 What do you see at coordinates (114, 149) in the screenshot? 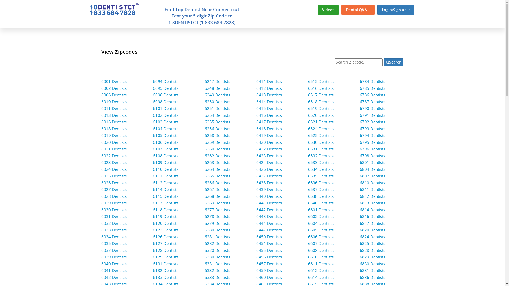
I see `'6021 Dentists'` at bounding box center [114, 149].